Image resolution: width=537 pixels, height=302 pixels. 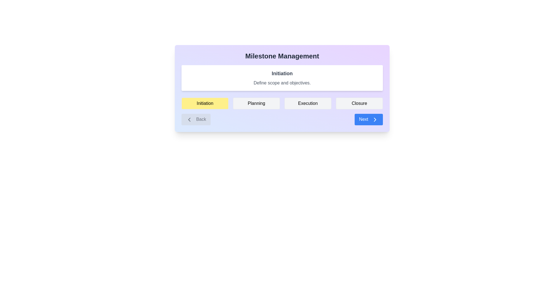 What do you see at coordinates (307, 103) in the screenshot?
I see `the non-interactive button labeled 'Execution', which is the third in a sequence of four buttons in a workflow tracking system` at bounding box center [307, 103].